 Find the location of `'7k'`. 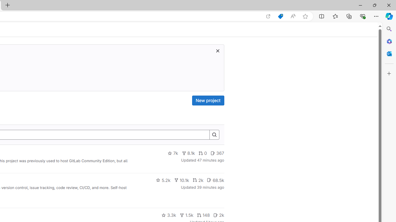

'7k' is located at coordinates (173, 153).